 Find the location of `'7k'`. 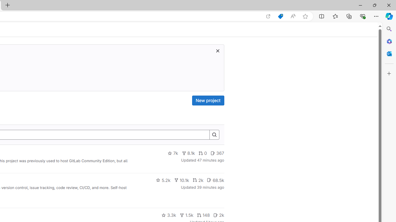

'7k' is located at coordinates (173, 153).